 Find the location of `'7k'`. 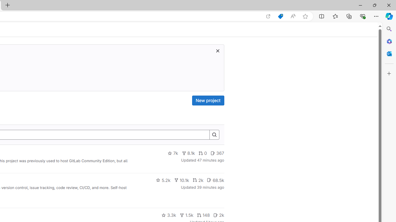

'7k' is located at coordinates (173, 153).